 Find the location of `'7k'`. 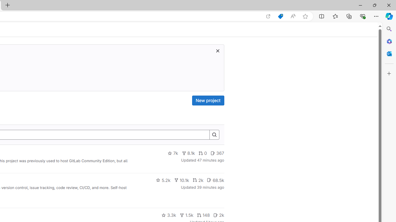

'7k' is located at coordinates (173, 153).